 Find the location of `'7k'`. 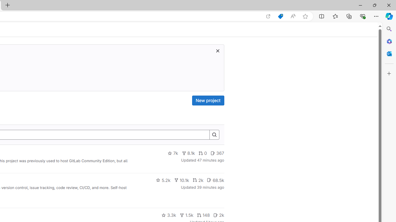

'7k' is located at coordinates (173, 153).